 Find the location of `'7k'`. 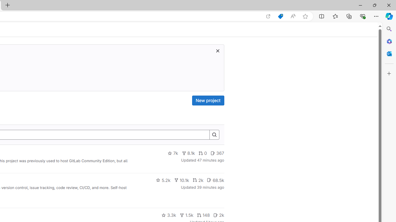

'7k' is located at coordinates (173, 153).